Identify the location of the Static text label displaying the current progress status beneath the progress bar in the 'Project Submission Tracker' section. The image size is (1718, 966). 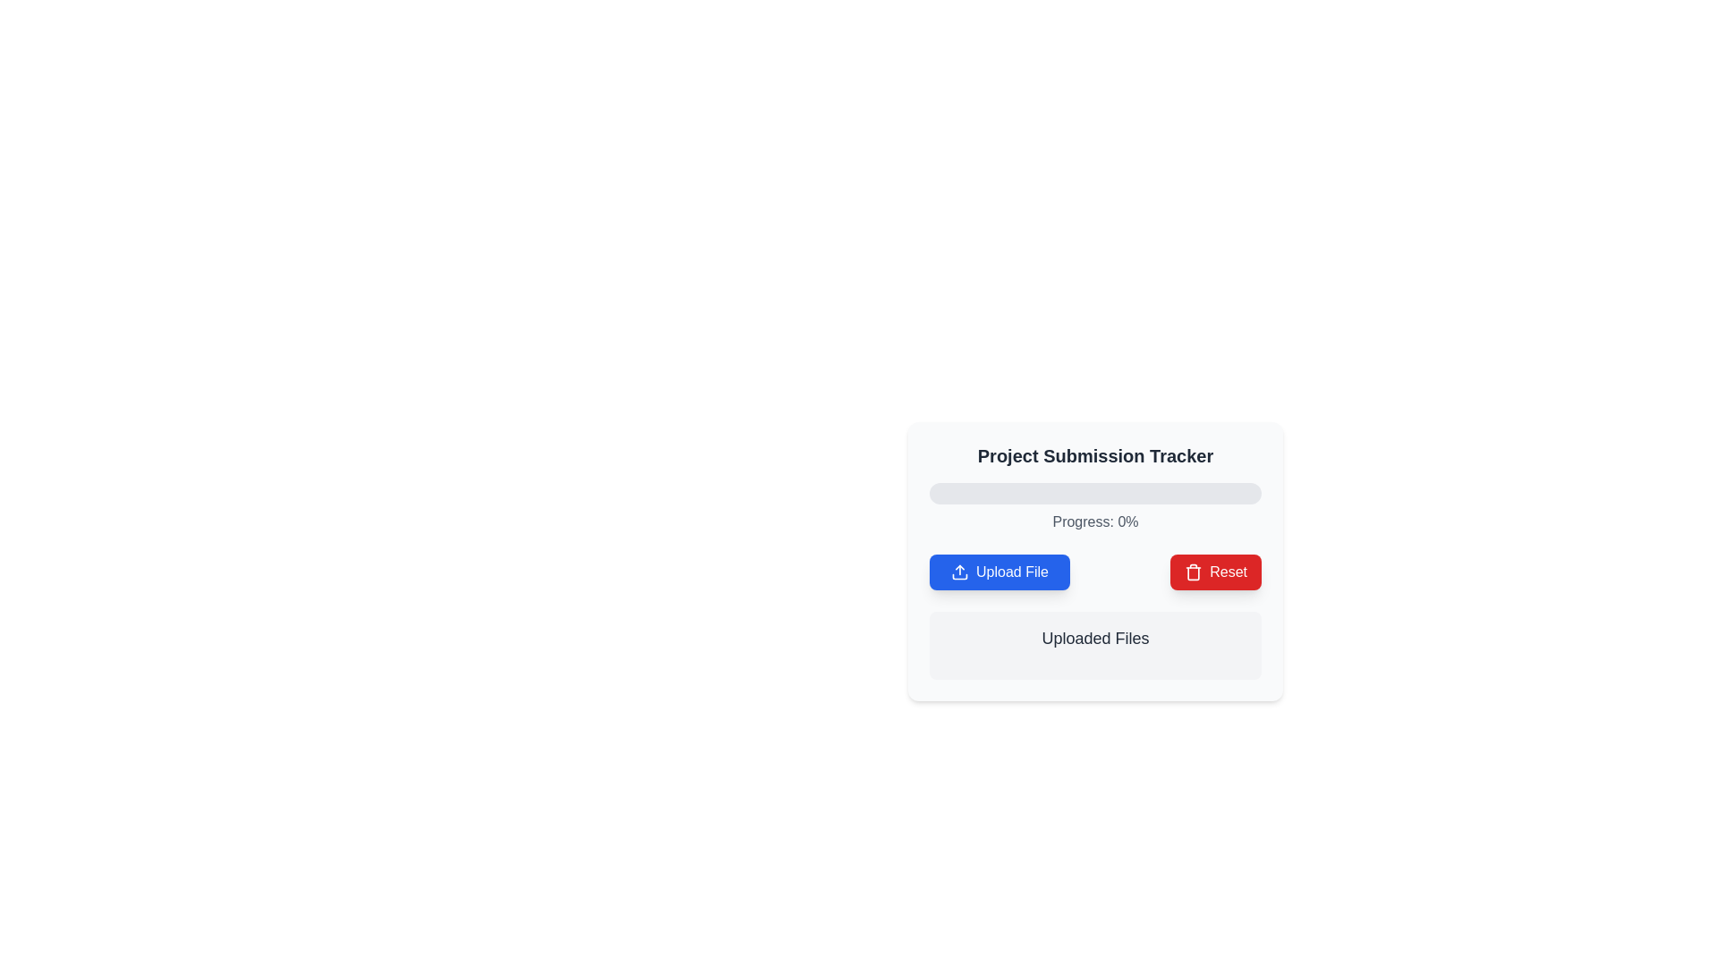
(1094, 521).